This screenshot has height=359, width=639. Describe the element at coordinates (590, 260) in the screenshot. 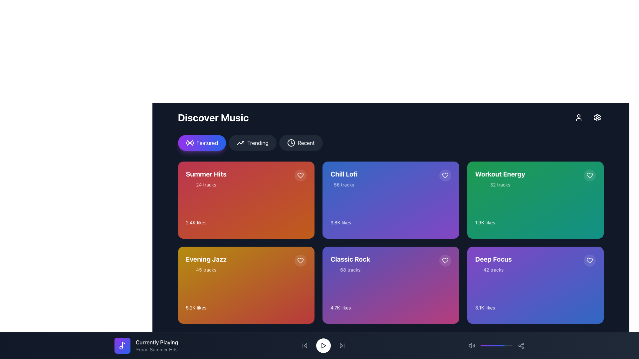

I see `the heart icon located at the bottom-right corner of the 'Deep Focus' content card` at that location.